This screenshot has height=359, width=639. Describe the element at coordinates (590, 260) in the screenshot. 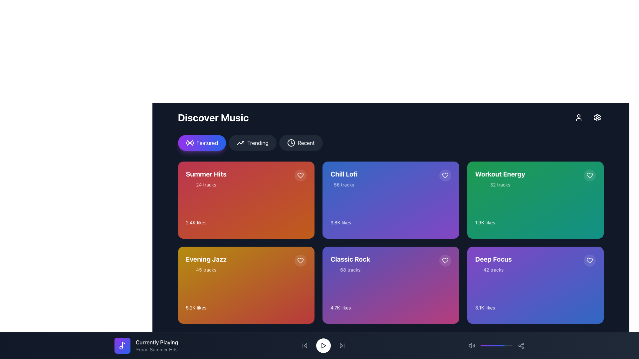

I see `the heart icon located at the bottom-right corner of the 'Deep Focus' content card` at that location.